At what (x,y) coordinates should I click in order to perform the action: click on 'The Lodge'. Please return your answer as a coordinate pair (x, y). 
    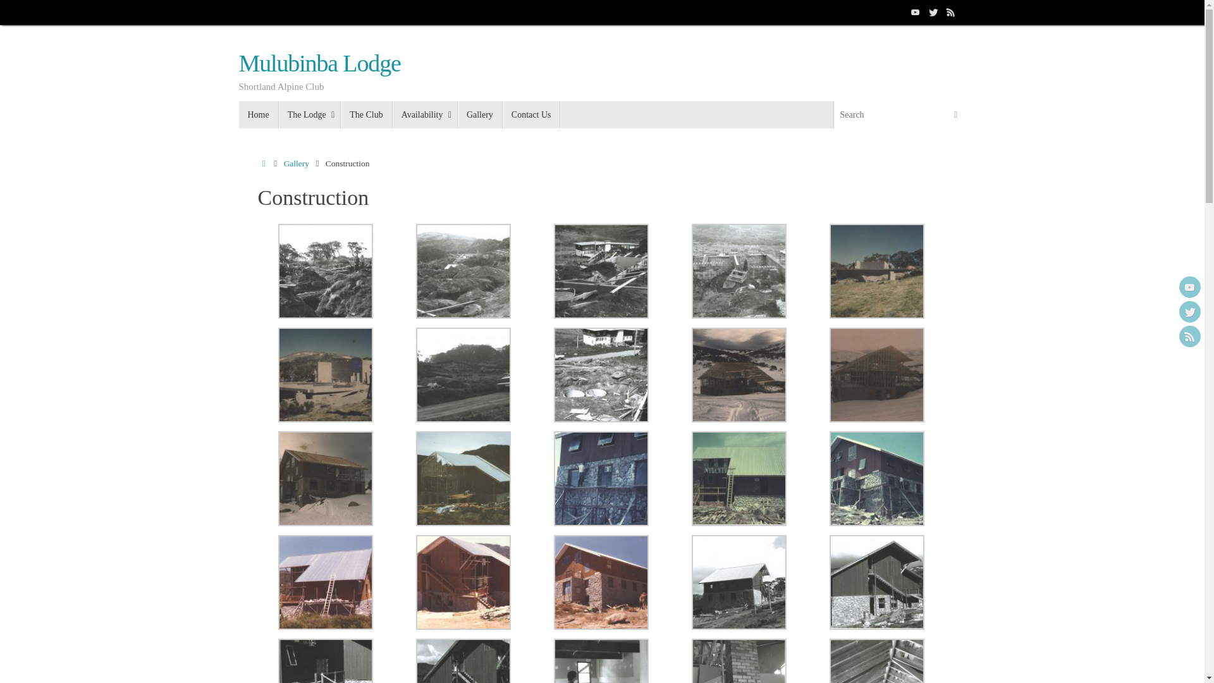
    Looking at the image, I should click on (278, 114).